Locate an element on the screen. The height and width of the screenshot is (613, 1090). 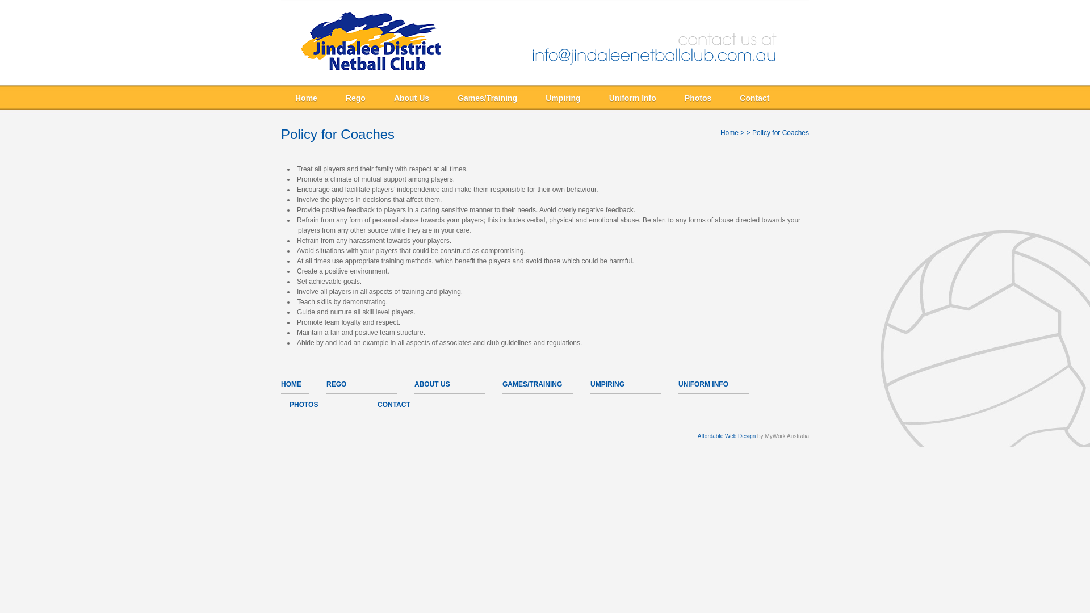
'UMPIRING' is located at coordinates (607, 384).